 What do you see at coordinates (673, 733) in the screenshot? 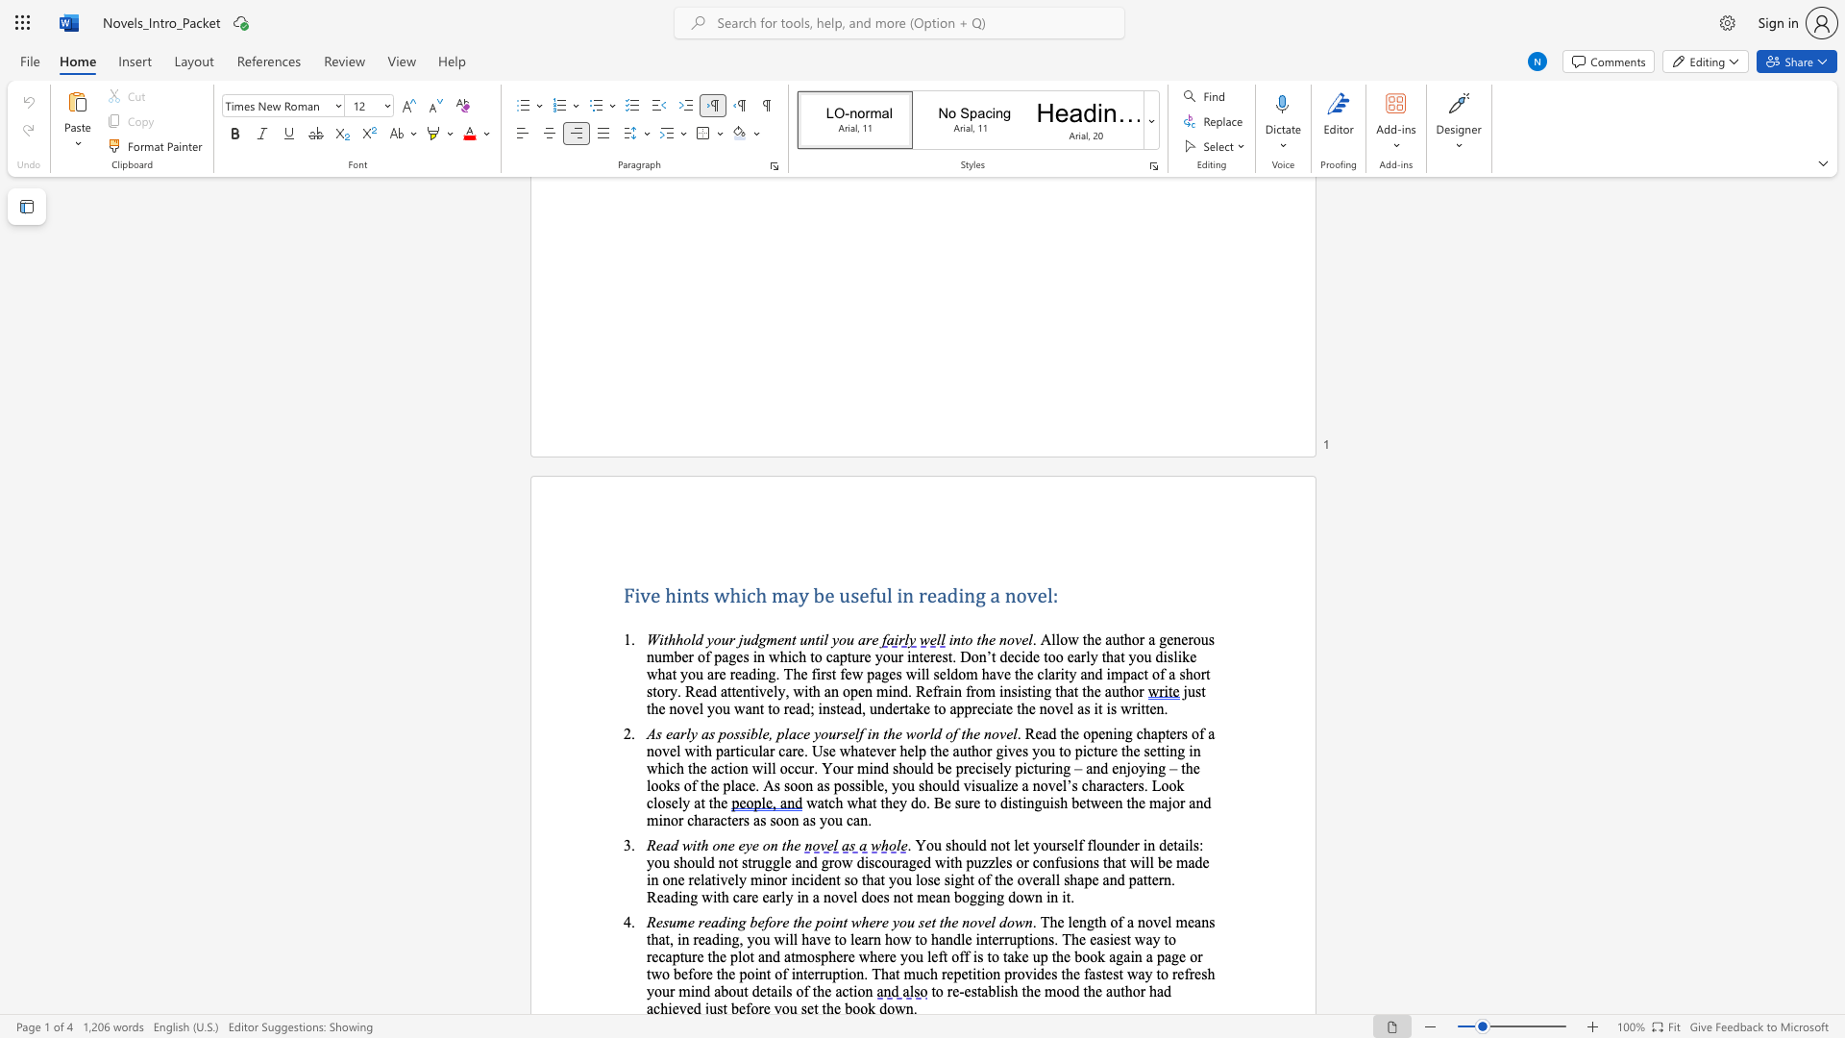
I see `the subset text "arly as possible, place yoursel" within the text "As early as possible, place yourself in the world of the novel"` at bounding box center [673, 733].